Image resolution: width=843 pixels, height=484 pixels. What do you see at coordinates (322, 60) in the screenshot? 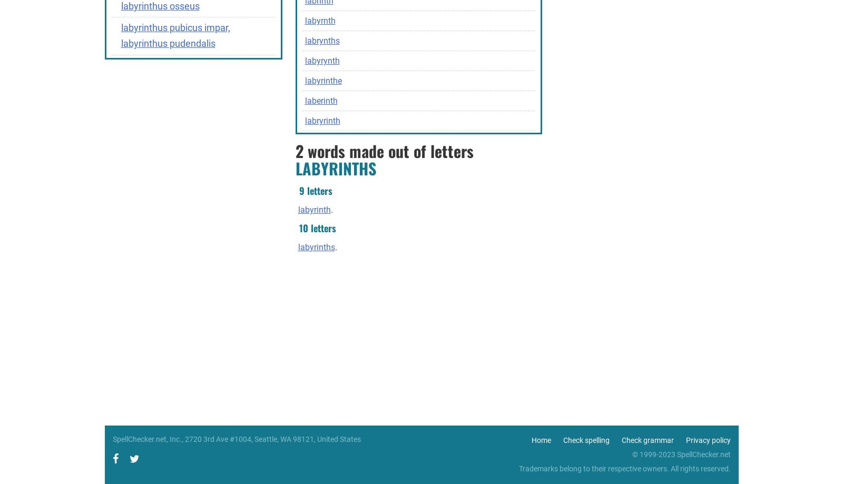
I see `'labyrynth'` at bounding box center [322, 60].